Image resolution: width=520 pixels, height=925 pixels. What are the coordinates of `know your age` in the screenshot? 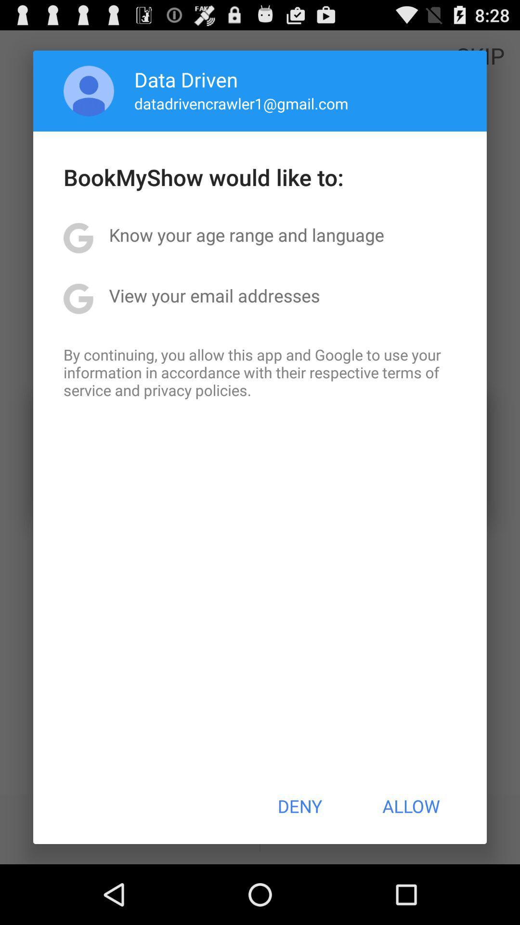 It's located at (246, 235).